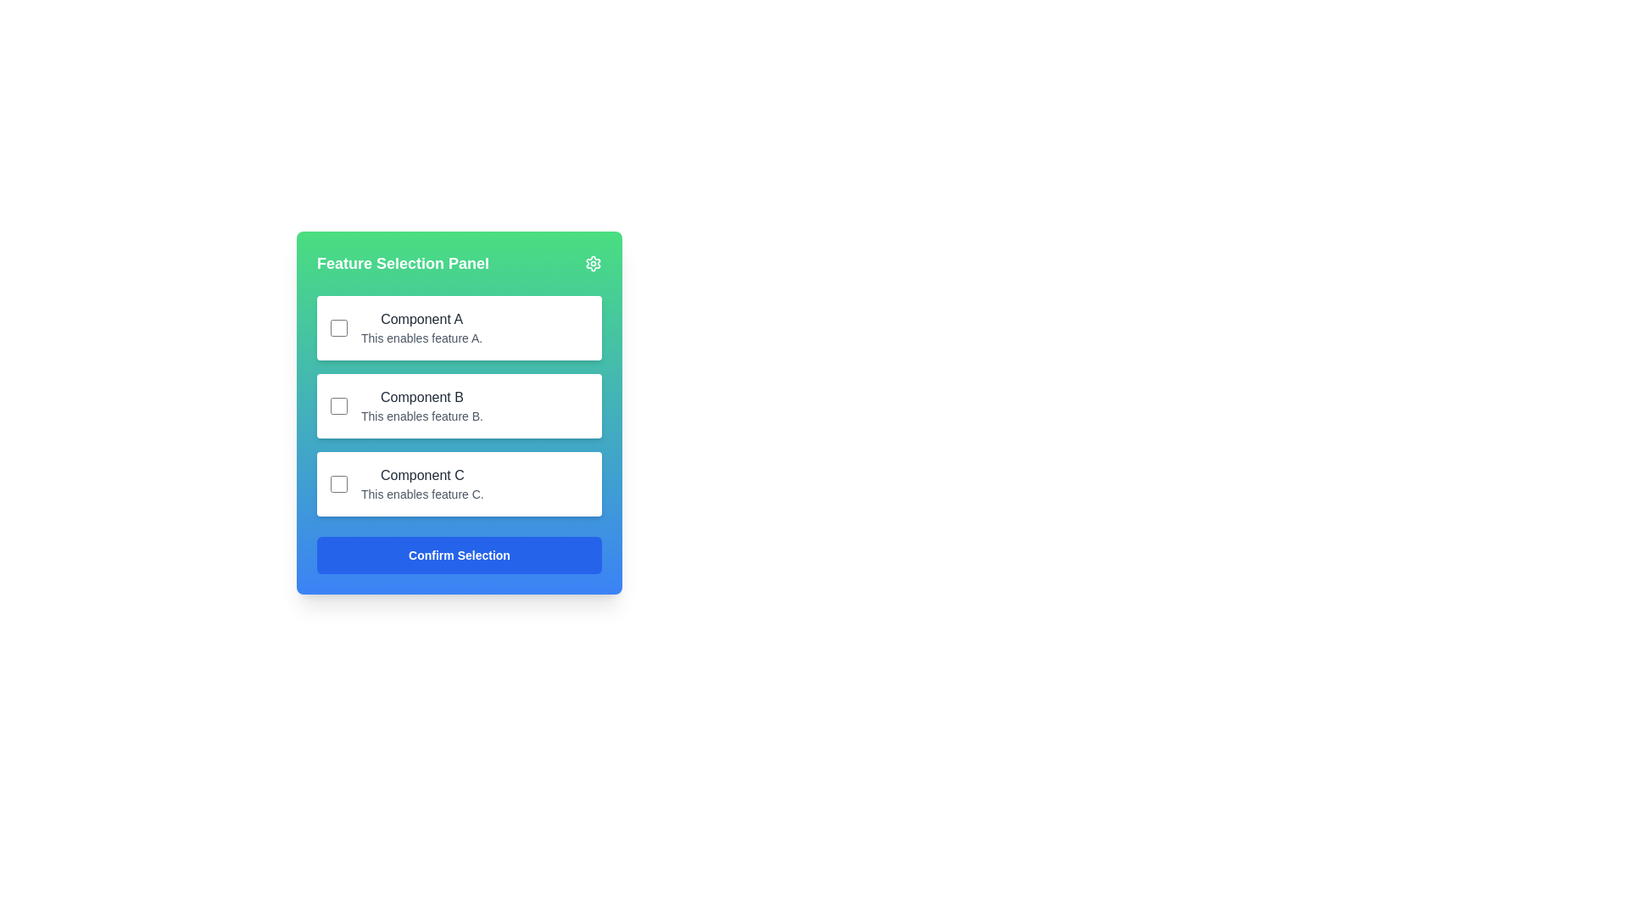 This screenshot has width=1628, height=916. Describe the element at coordinates (421, 320) in the screenshot. I see `the label at the top of the section that describes the corresponding feature` at that location.